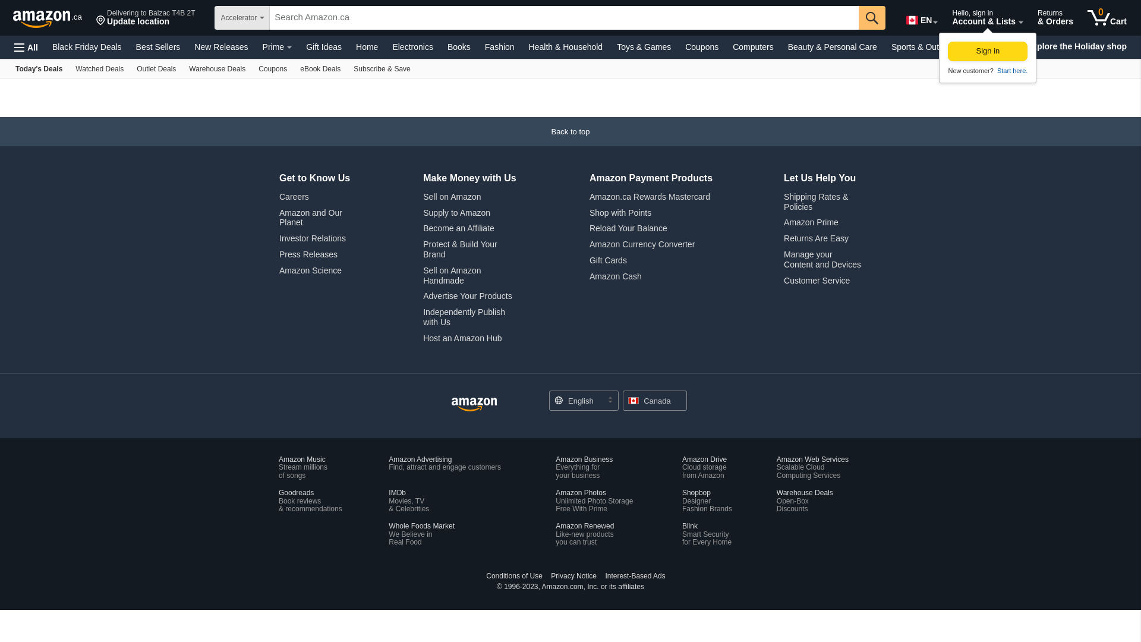 The width and height of the screenshot is (1141, 642). What do you see at coordinates (812, 467) in the screenshot?
I see `'Amazon Web Services` at bounding box center [812, 467].